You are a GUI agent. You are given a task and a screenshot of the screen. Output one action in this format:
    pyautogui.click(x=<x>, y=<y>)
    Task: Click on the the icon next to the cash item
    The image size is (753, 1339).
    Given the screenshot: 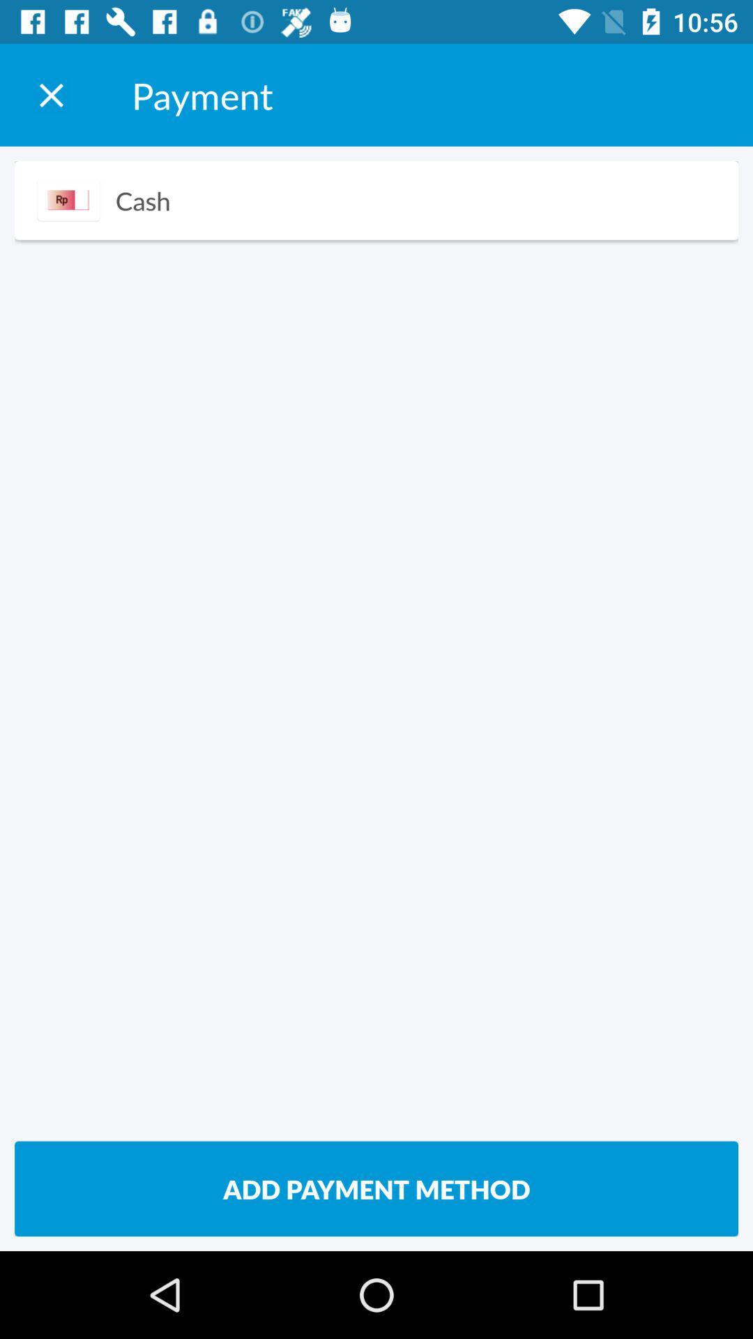 What is the action you would take?
    pyautogui.click(x=68, y=199)
    